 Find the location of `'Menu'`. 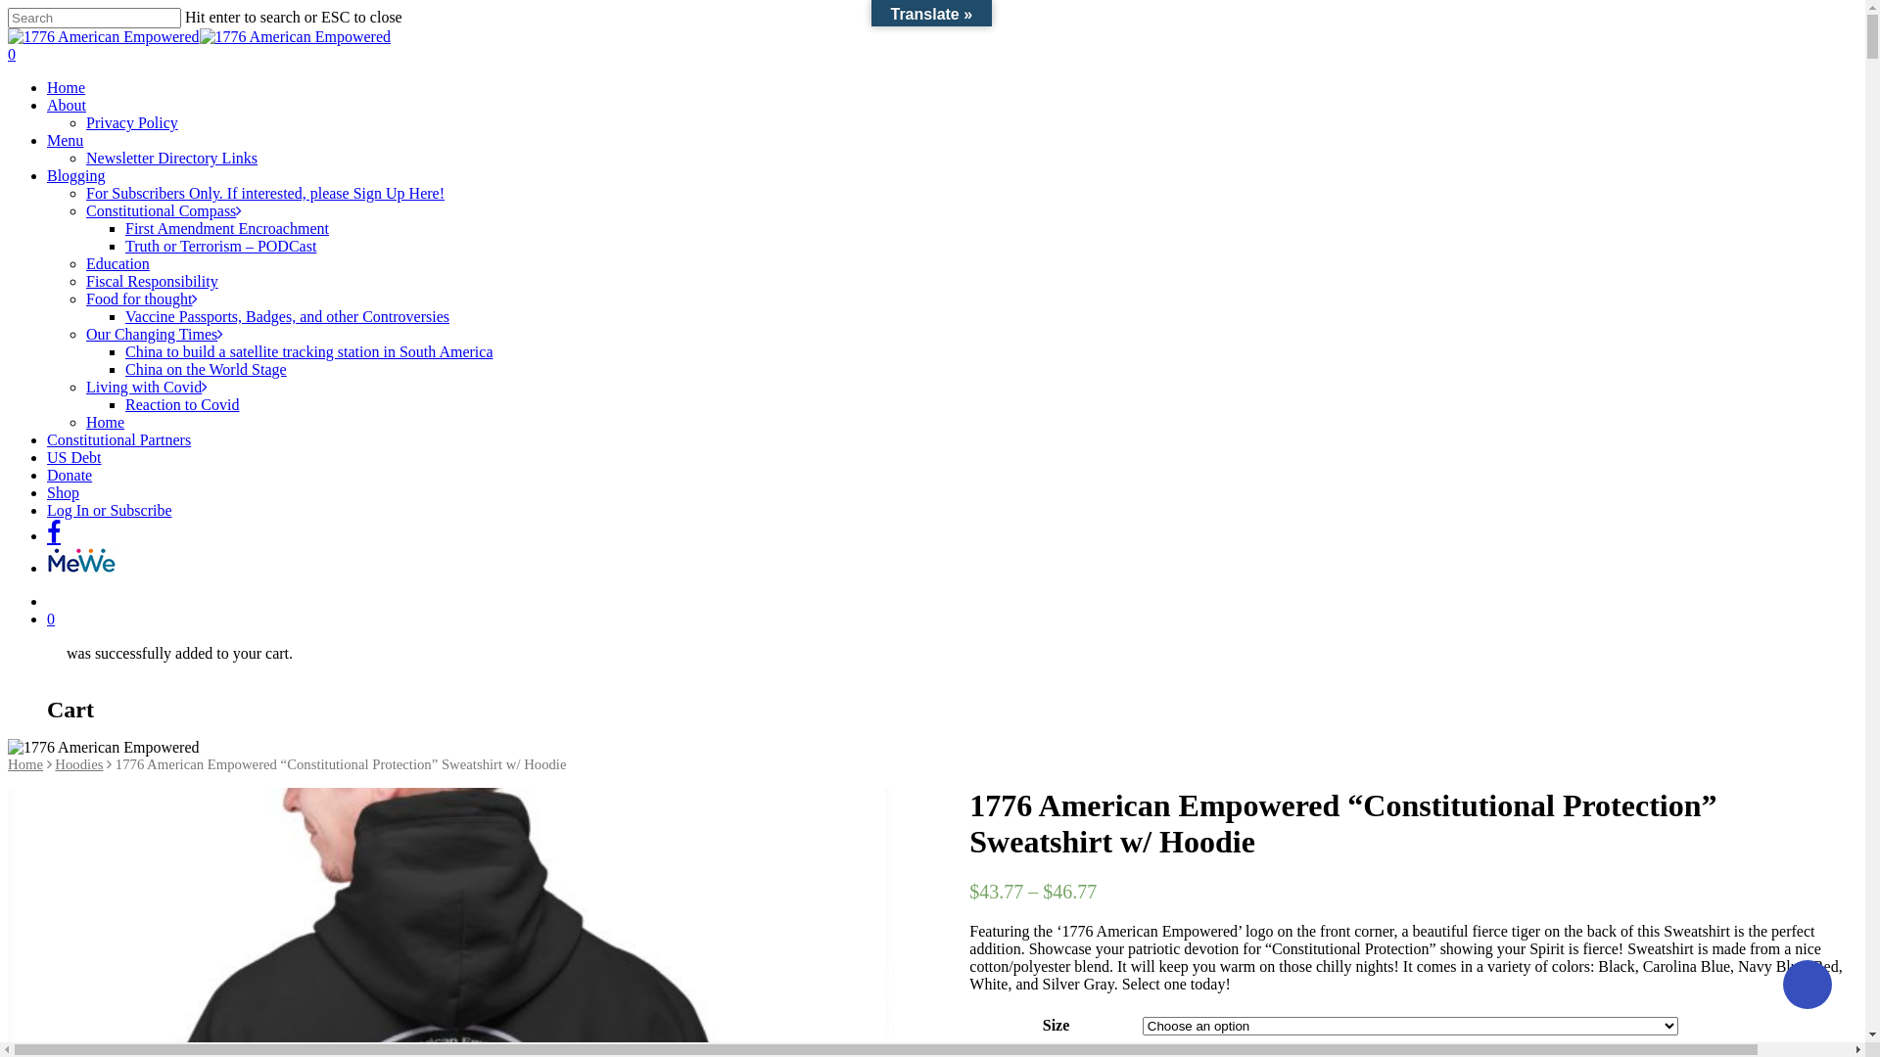

'Menu' is located at coordinates (65, 139).